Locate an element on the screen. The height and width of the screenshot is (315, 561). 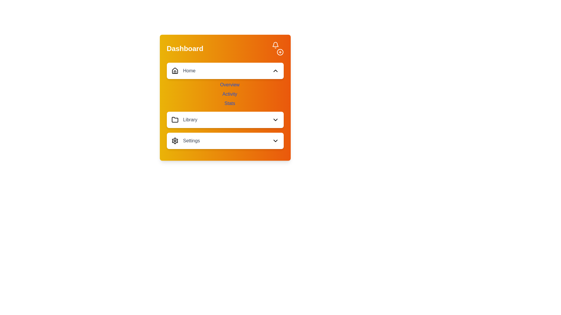
the 'Settings' menu item, which is a gear icon followed by the text 'Settings', located in the third position of the vertical list is located at coordinates (185, 141).